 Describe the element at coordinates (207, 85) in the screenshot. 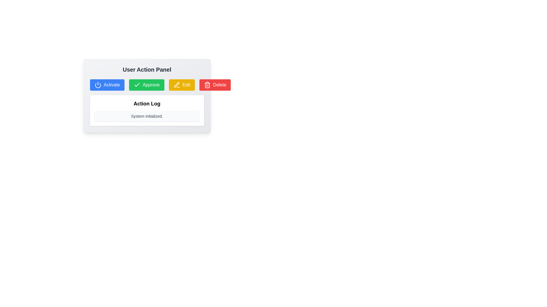

I see `the small trash bin icon located within the red 'Delete' button at the top of the interface` at that location.